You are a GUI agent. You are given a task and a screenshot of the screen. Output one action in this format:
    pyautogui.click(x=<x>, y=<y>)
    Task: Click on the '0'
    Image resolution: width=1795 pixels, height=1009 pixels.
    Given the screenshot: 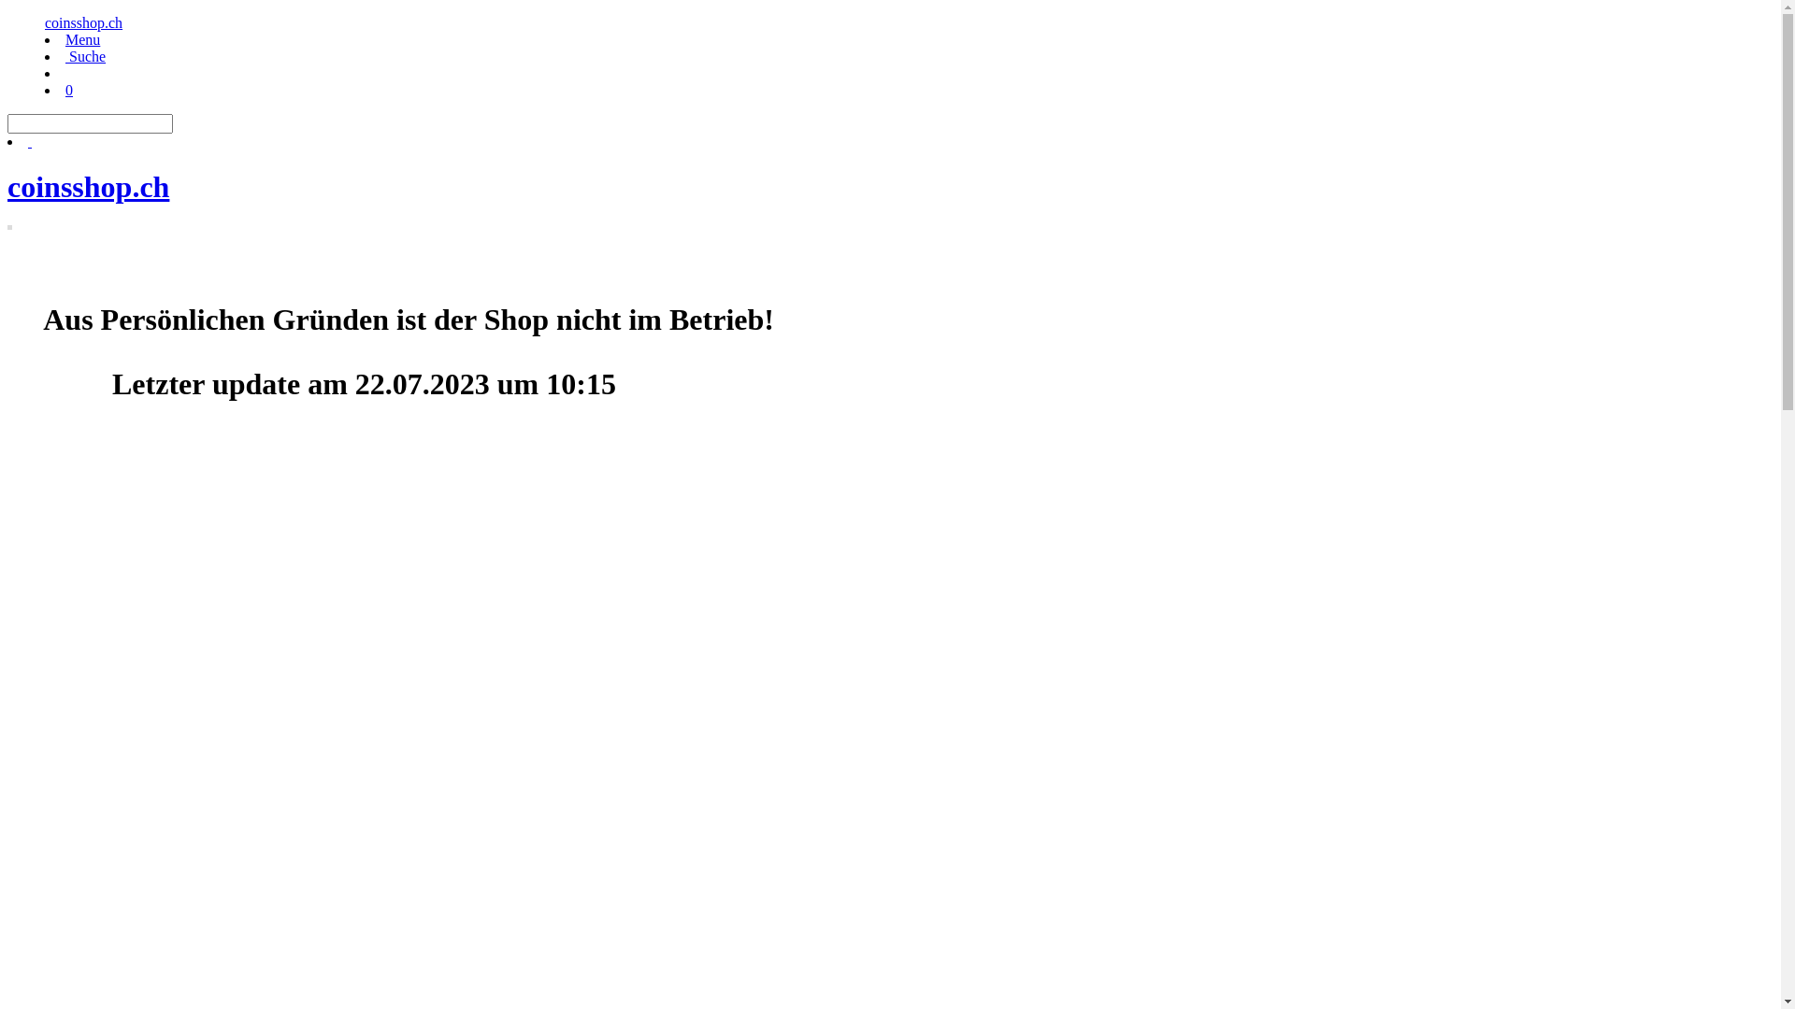 What is the action you would take?
    pyautogui.click(x=68, y=90)
    